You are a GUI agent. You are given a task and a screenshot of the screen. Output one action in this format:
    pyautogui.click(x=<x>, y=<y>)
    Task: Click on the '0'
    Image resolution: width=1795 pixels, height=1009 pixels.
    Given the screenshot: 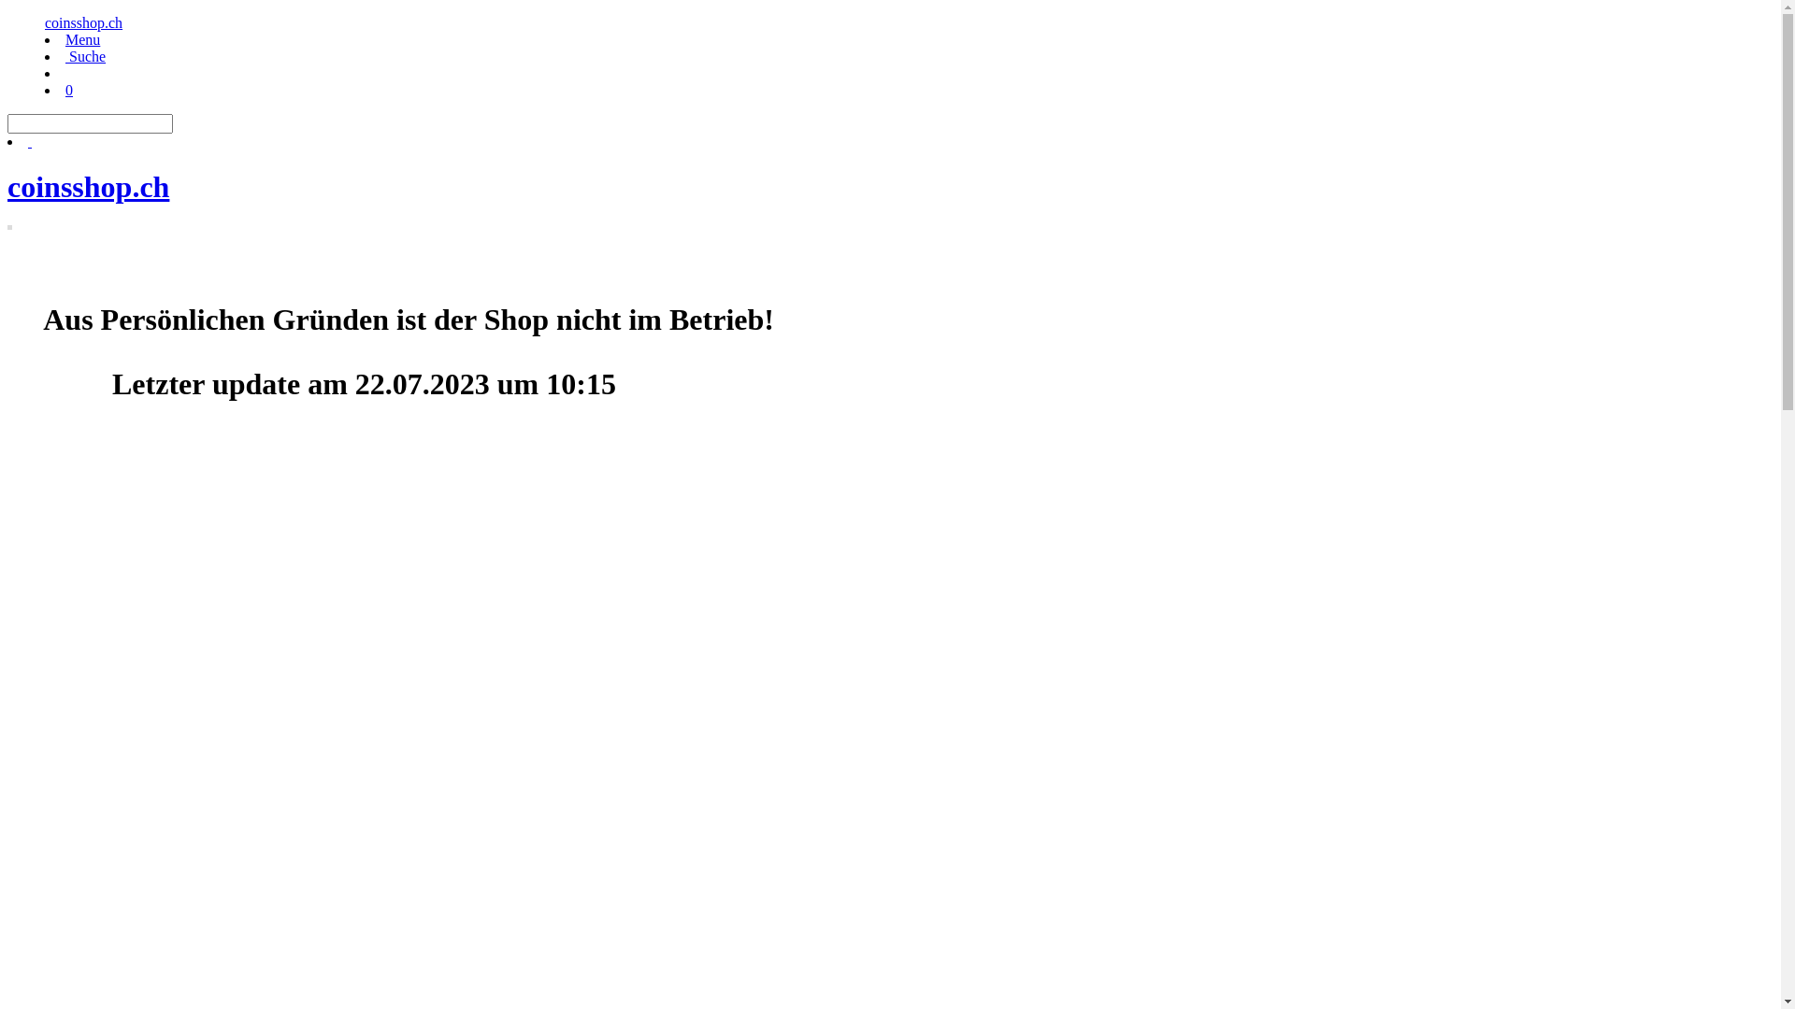 What is the action you would take?
    pyautogui.click(x=68, y=90)
    